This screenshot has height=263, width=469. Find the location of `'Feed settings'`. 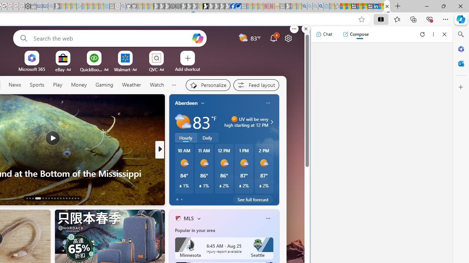

'Feed settings' is located at coordinates (256, 84).